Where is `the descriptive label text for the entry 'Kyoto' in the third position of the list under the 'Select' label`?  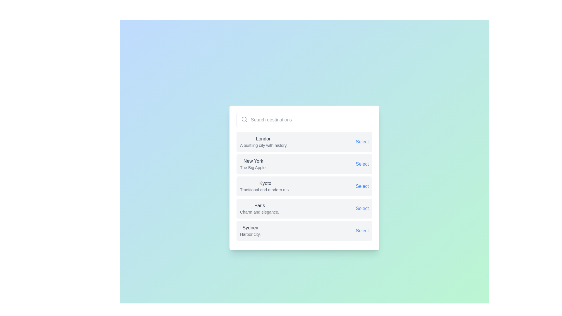
the descriptive label text for the entry 'Kyoto' in the third position of the list under the 'Select' label is located at coordinates (265, 186).